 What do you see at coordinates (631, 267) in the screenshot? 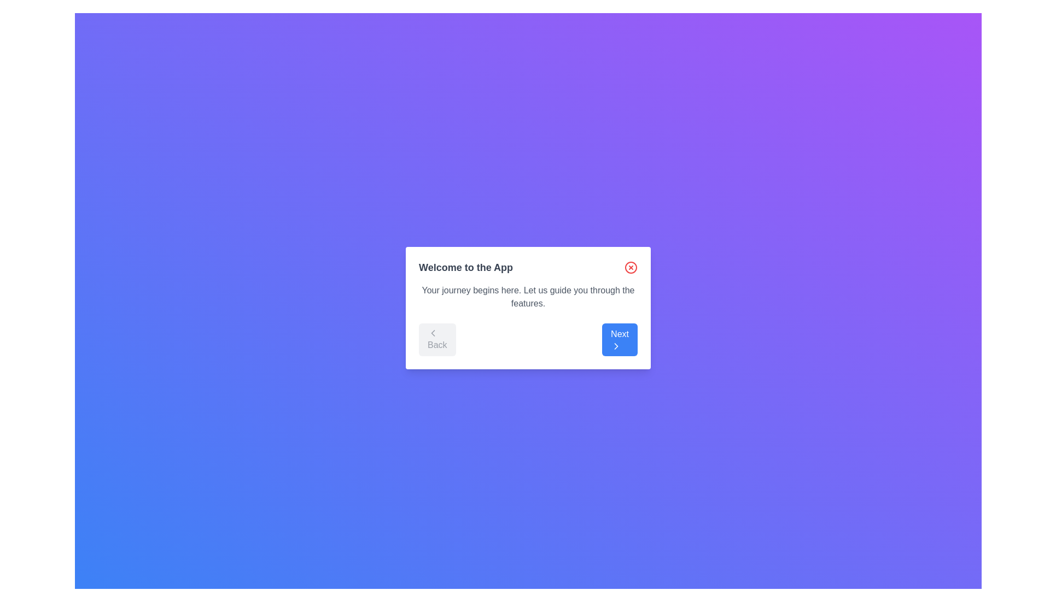
I see `the close button located at the top-right corner of the dialog box` at bounding box center [631, 267].